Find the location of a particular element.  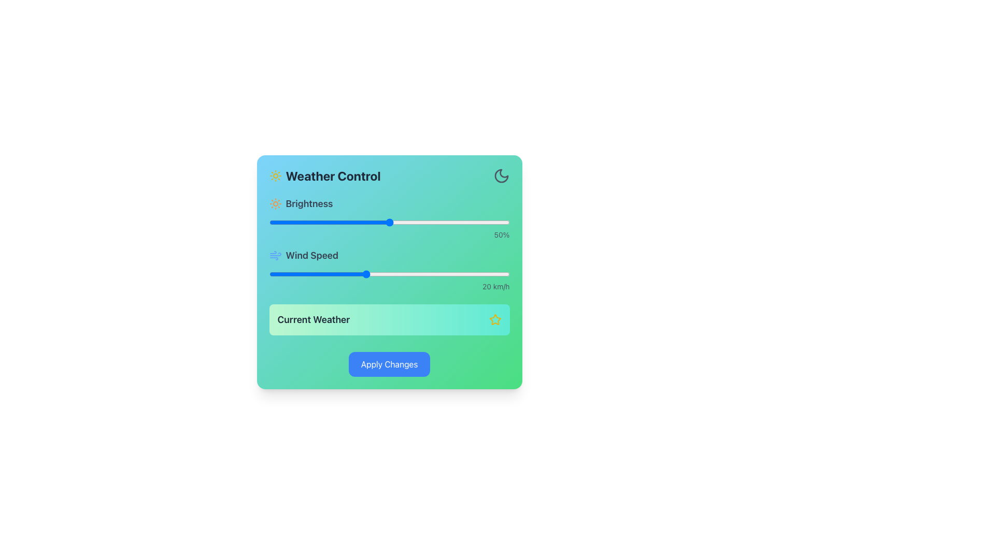

the star-shaped icon with a bright yellow border located in the top right corner of the 'Current Weather' section is located at coordinates (494, 319).